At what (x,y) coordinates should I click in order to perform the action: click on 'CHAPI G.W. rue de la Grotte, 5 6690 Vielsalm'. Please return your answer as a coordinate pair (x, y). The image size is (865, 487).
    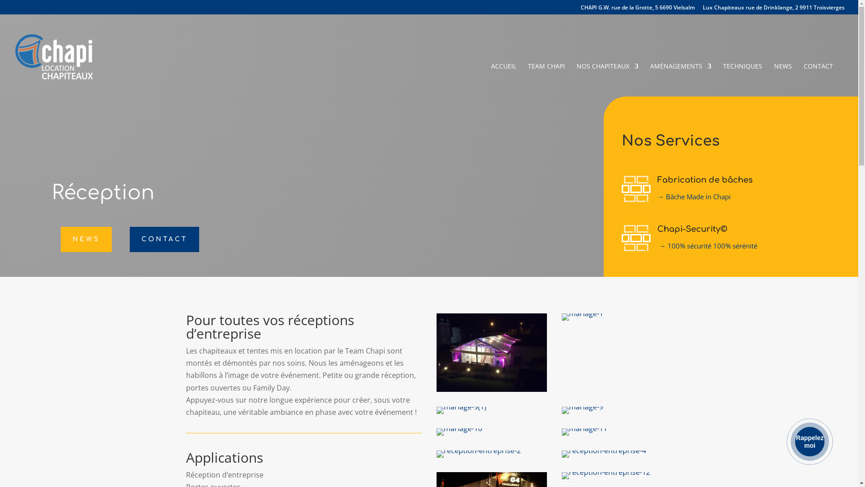
    Looking at the image, I should click on (581, 9).